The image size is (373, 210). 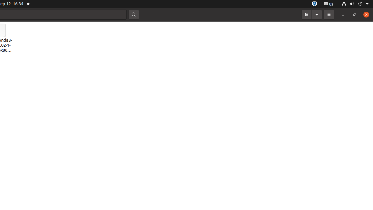 What do you see at coordinates (343, 14) in the screenshot?
I see `'Minimize'` at bounding box center [343, 14].